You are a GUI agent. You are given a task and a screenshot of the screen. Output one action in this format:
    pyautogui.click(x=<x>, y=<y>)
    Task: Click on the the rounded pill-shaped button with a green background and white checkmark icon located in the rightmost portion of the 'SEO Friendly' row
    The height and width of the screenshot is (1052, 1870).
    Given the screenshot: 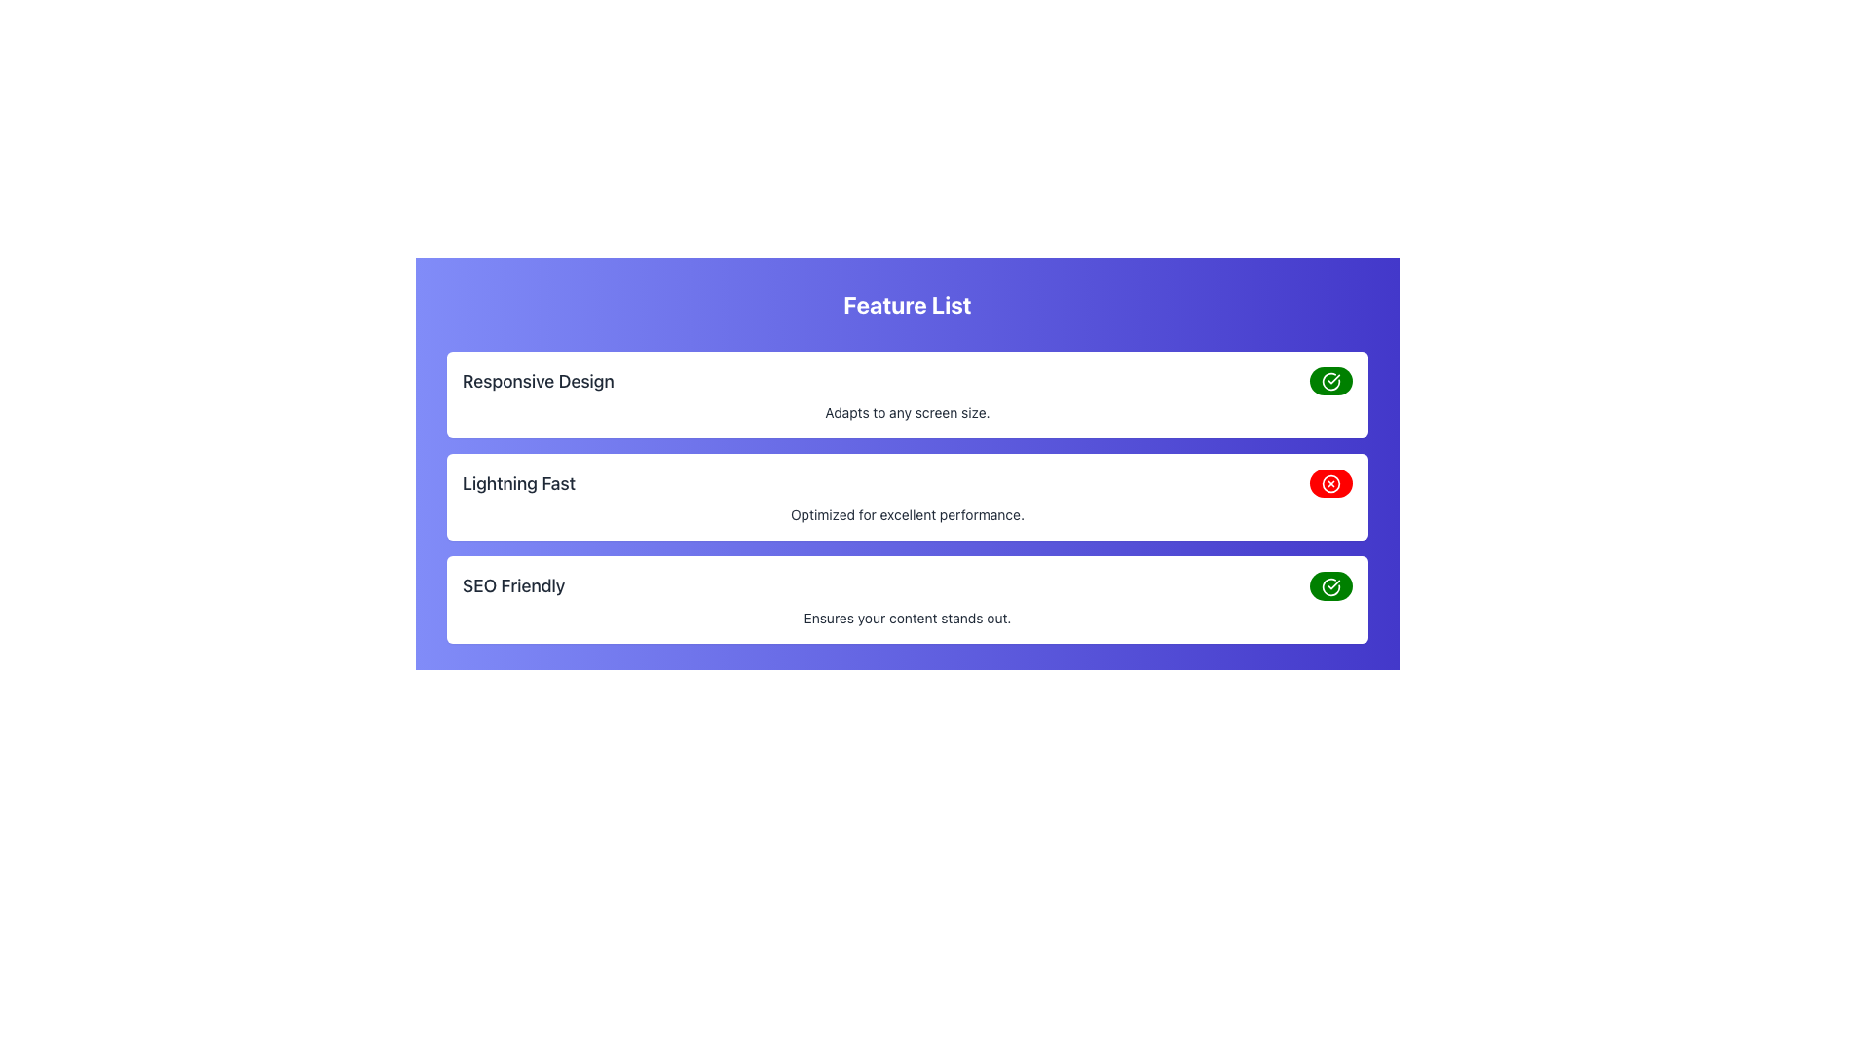 What is the action you would take?
    pyautogui.click(x=1330, y=584)
    